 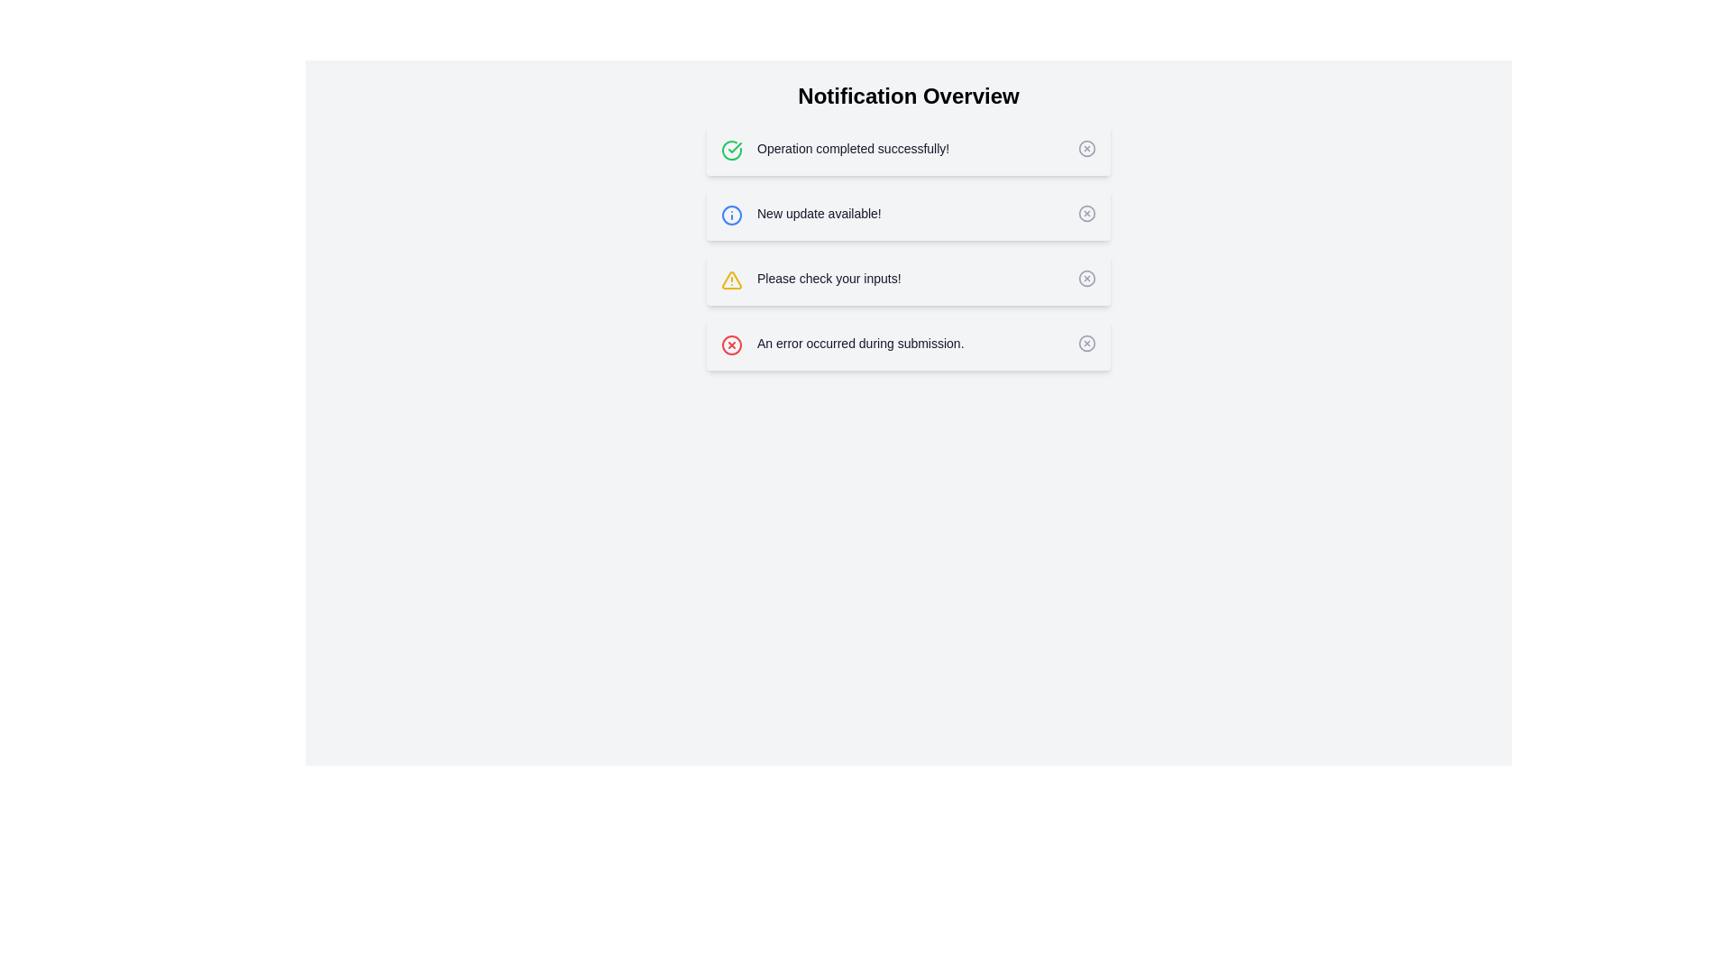 I want to click on the circular icon indicating the 'New update available!' notification on the left side of the entry, so click(x=731, y=215).